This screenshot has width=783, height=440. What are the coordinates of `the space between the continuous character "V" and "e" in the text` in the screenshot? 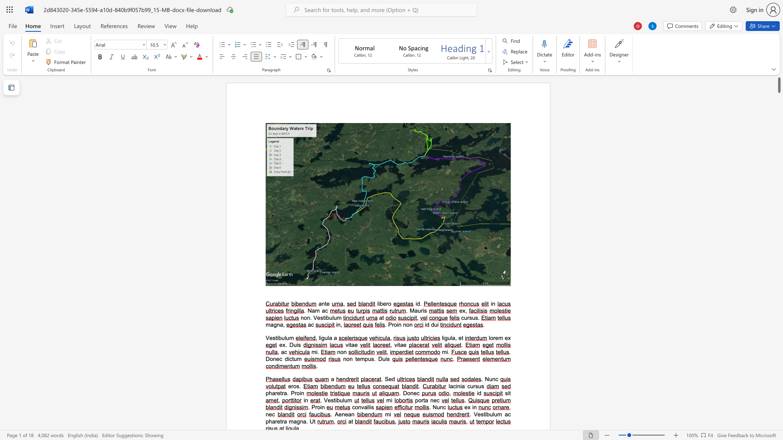 It's located at (477, 414).